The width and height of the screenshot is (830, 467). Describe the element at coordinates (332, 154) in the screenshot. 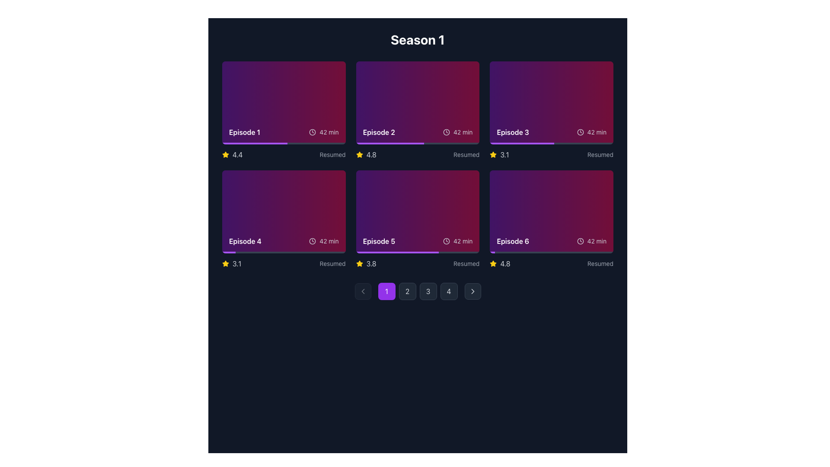

I see `the static label displaying 'Resumed' which indicates the status of the associated content in the 'Episode 2' card, positioned to the right of the yellow star rating icon` at that location.